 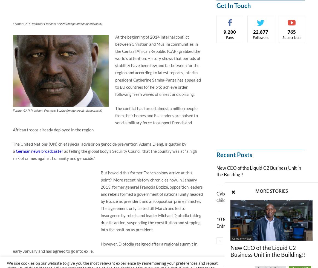 I want to click on 'as telling the global body’s Security Council that the country was at “a high risk of crimes against humanity and genocide.”', so click(x=105, y=154).